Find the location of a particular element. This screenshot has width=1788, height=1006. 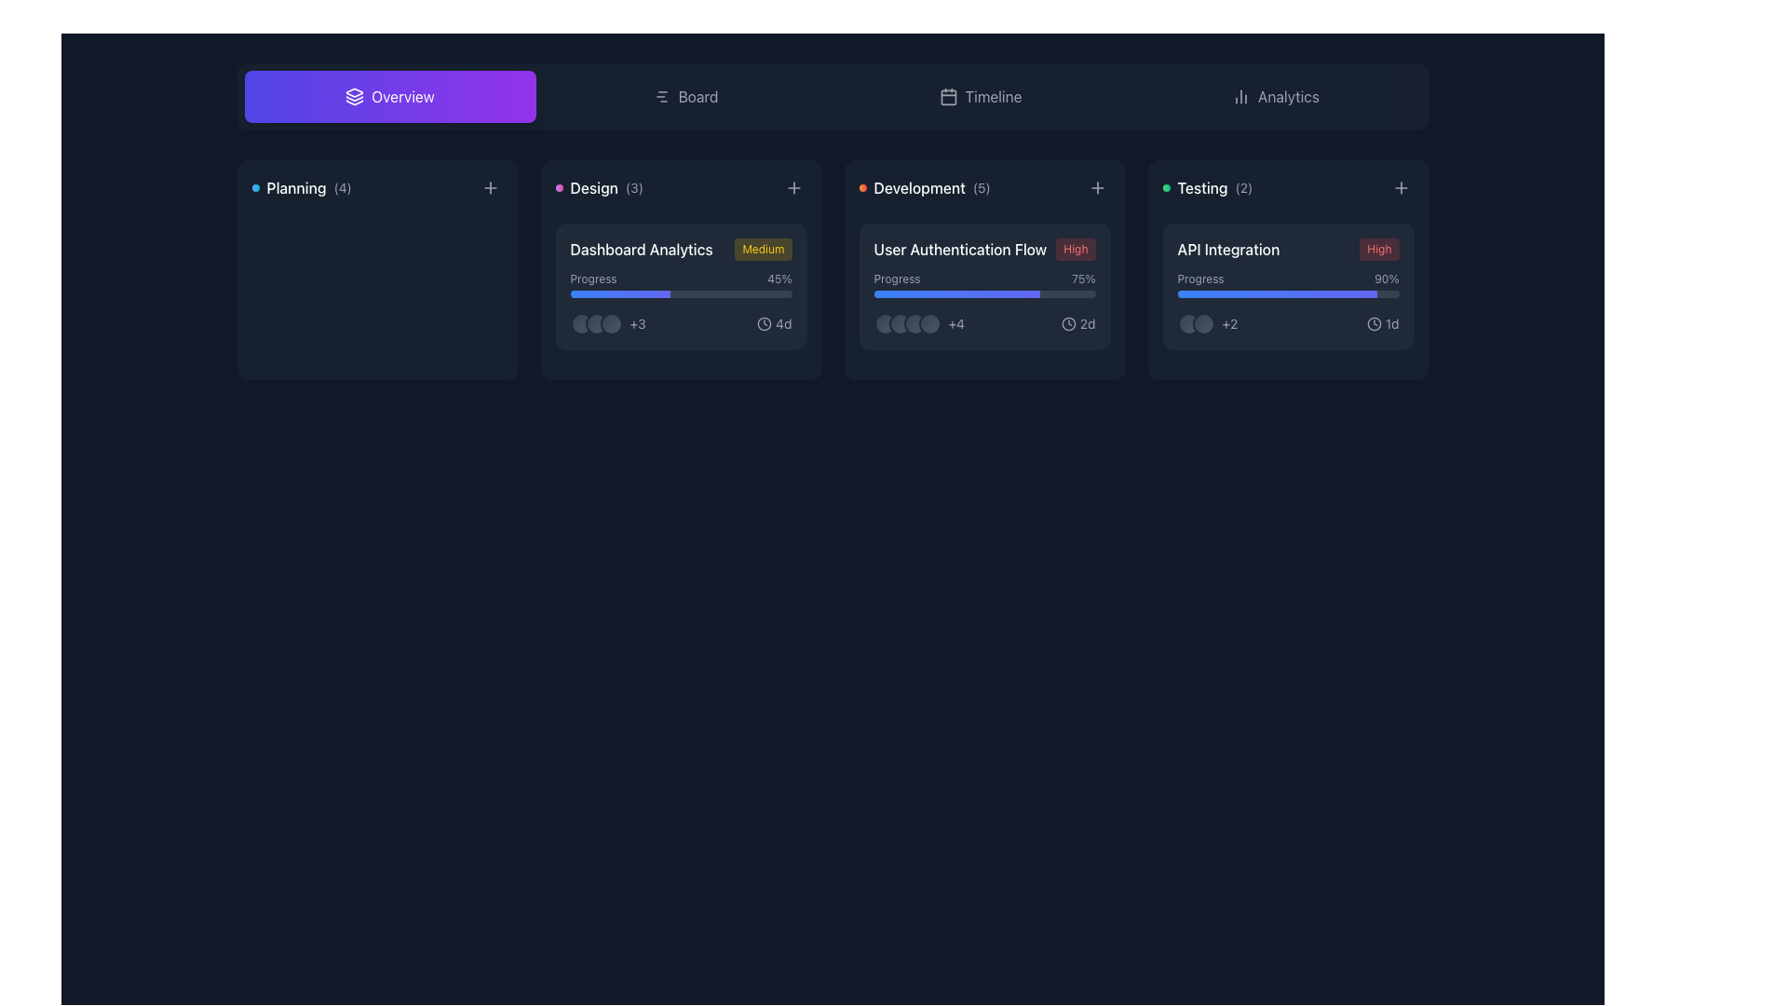

the clock icon and text '2d' element located in the 'Development' card below the title 'User Authentication Flow' to perform associated card actions is located at coordinates (1078, 322).